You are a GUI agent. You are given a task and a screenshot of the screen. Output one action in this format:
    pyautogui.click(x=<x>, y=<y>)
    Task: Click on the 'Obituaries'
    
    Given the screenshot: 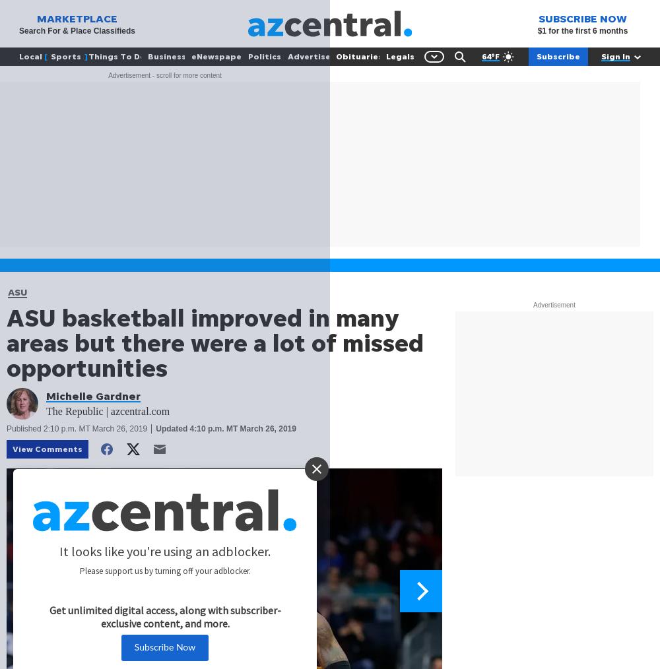 What is the action you would take?
    pyautogui.click(x=358, y=55)
    